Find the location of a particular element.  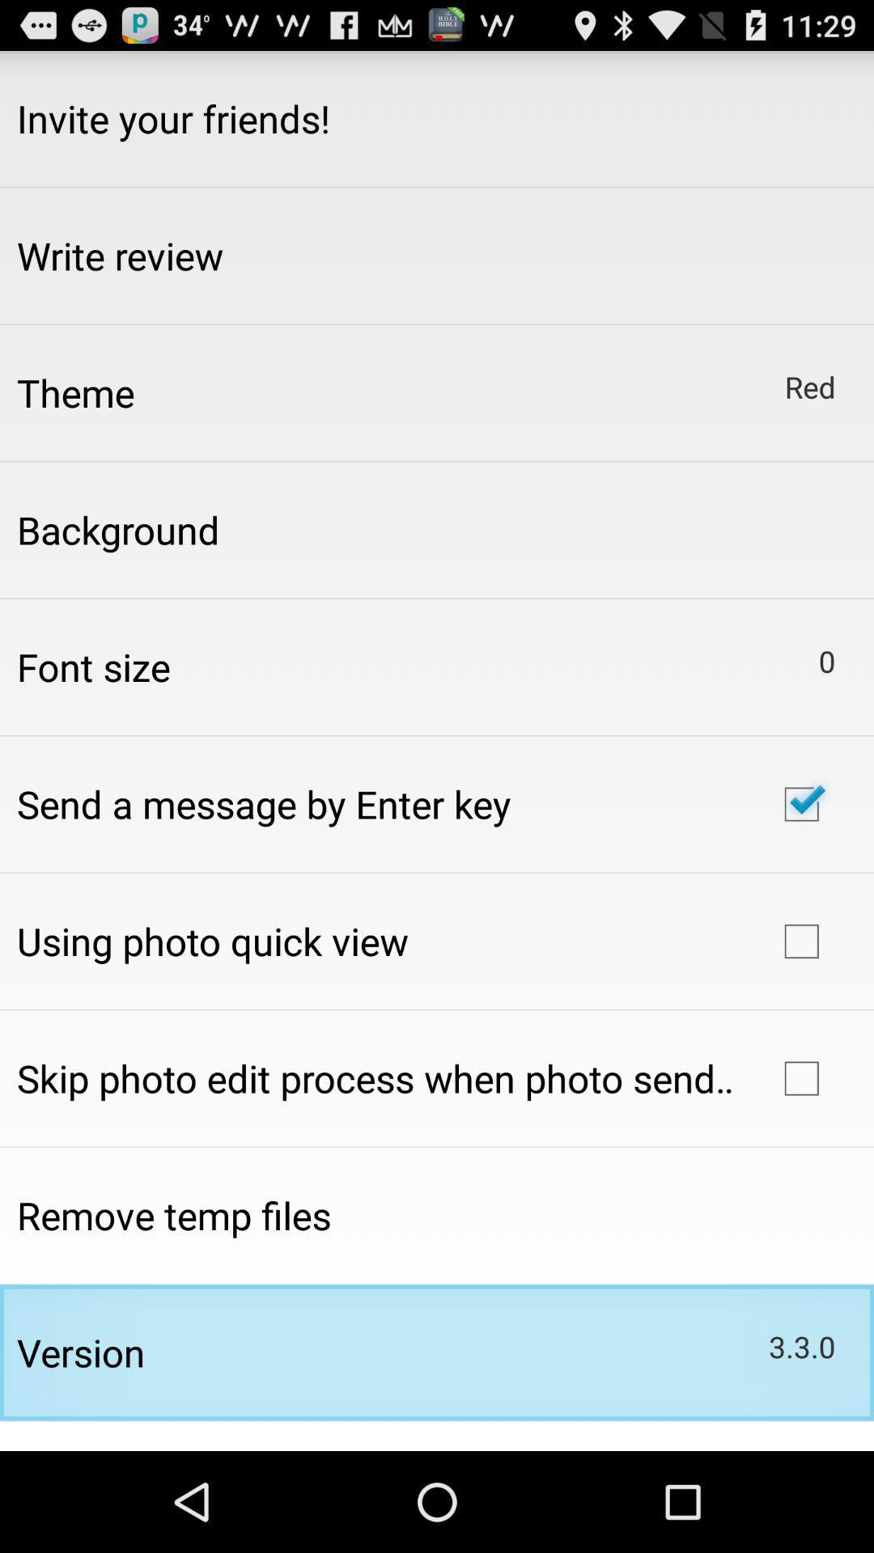

item to the left of 3.3.0 icon is located at coordinates (81, 1352).